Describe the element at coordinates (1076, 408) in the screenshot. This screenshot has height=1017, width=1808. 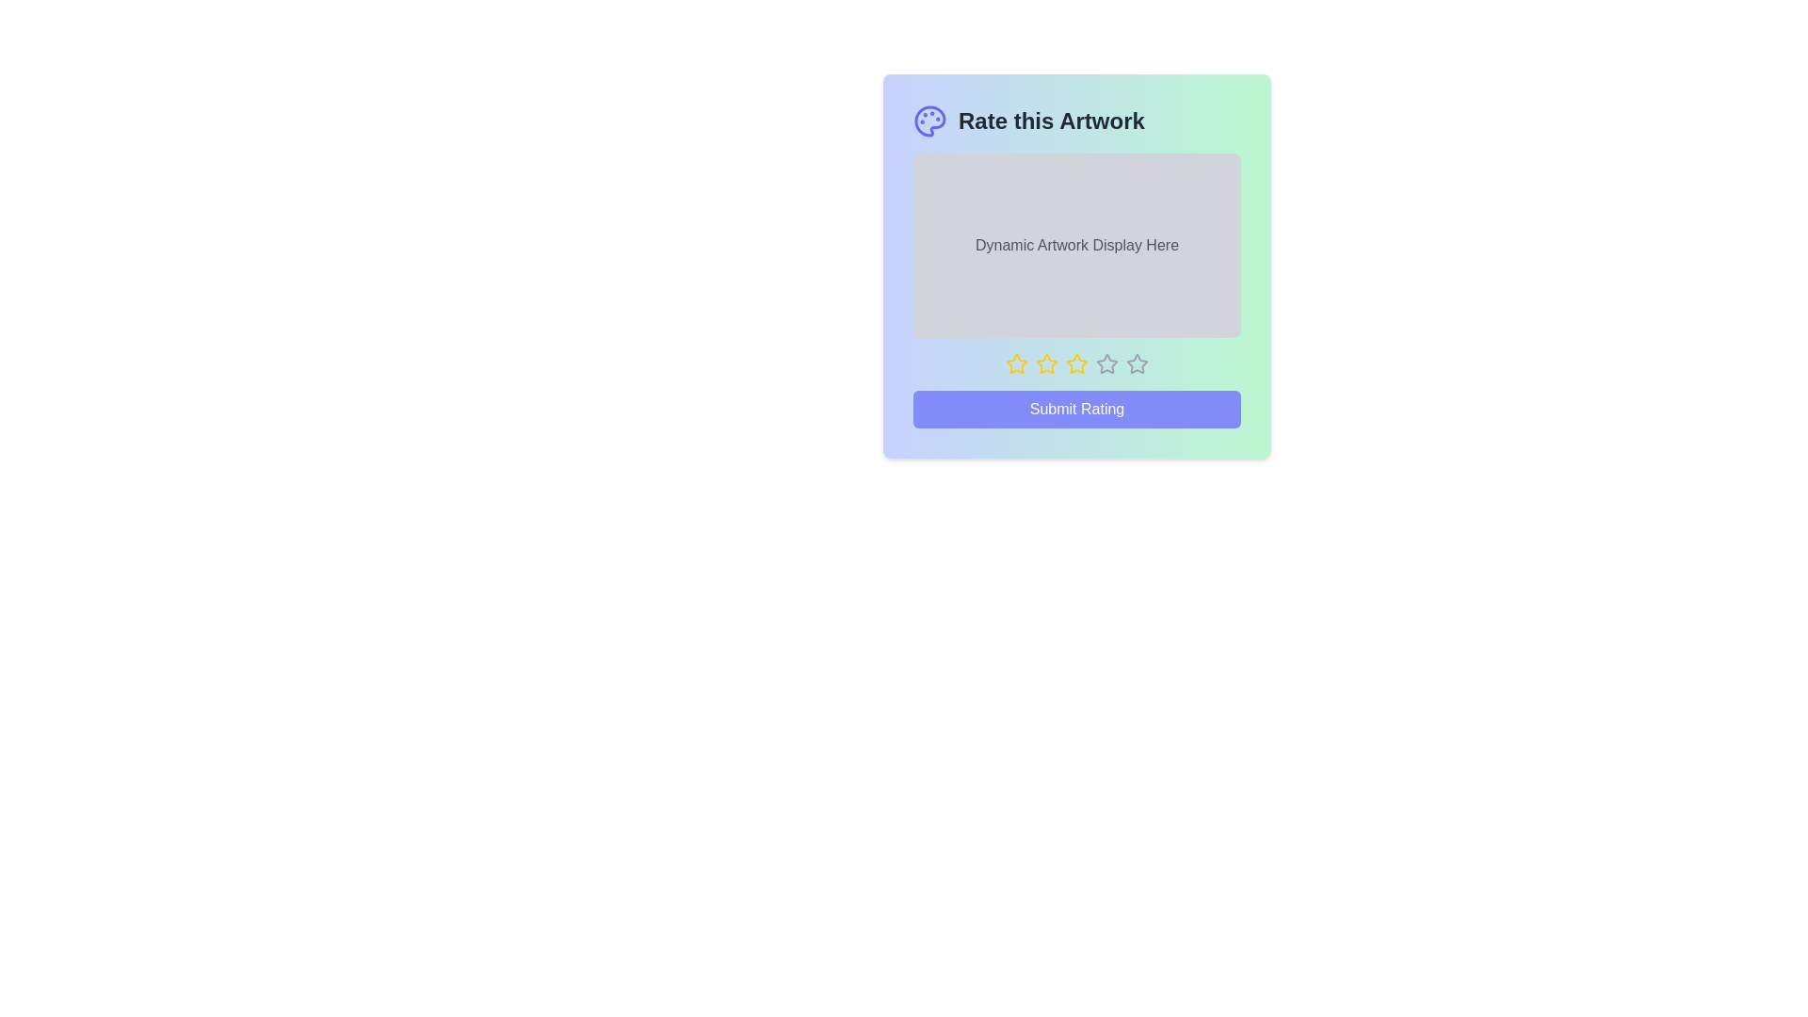
I see `the 'Submit Rating' button to submit the selected rating` at that location.